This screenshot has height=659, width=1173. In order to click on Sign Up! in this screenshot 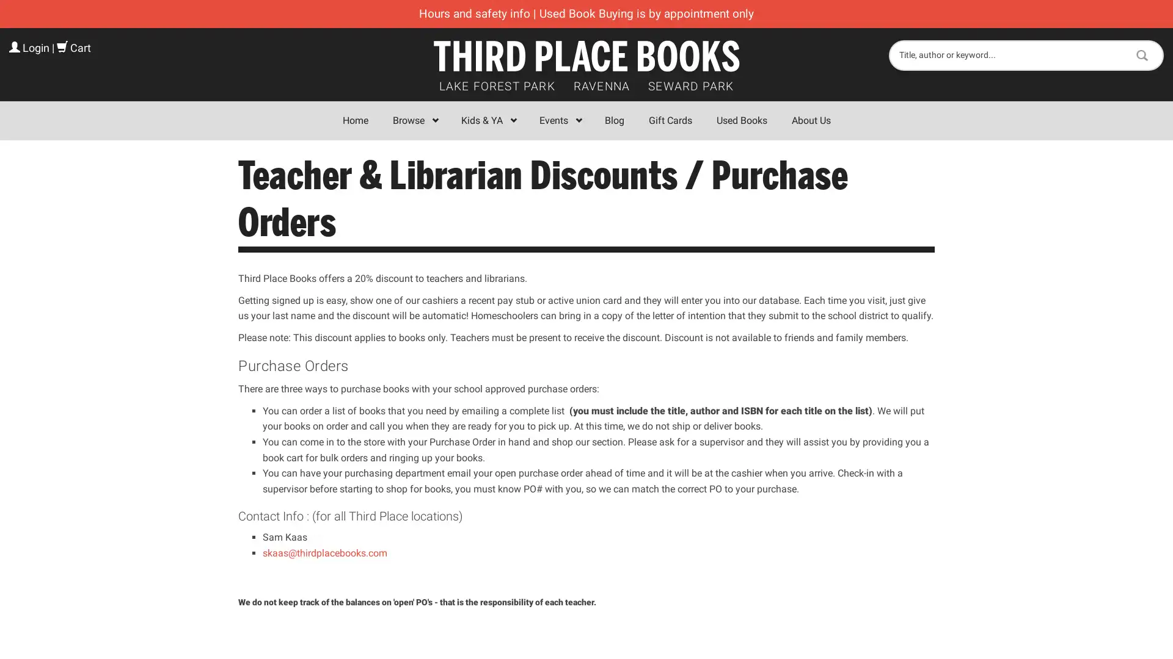, I will do `click(586, 454)`.